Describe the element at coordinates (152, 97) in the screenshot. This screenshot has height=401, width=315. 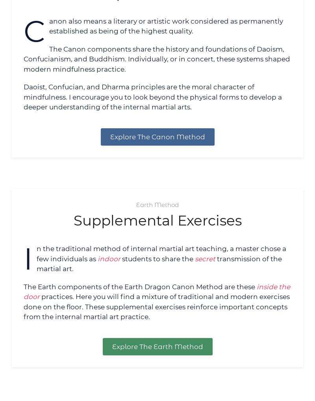
I see `'Daoist, Confucian, and Dharma principles are the moral character of mindfulness. I encourage you to look beyond the physical forms to develop a deeper understanding of the internal martial arts.'` at that location.